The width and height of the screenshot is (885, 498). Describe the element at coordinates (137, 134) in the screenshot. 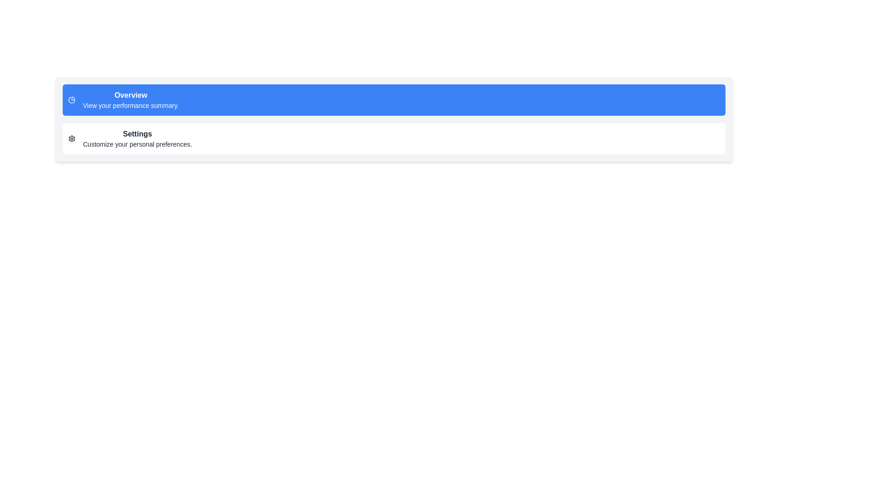

I see `the static text label that serves as a title or header for the section, located above the text 'Customize your personal preferences.'` at that location.